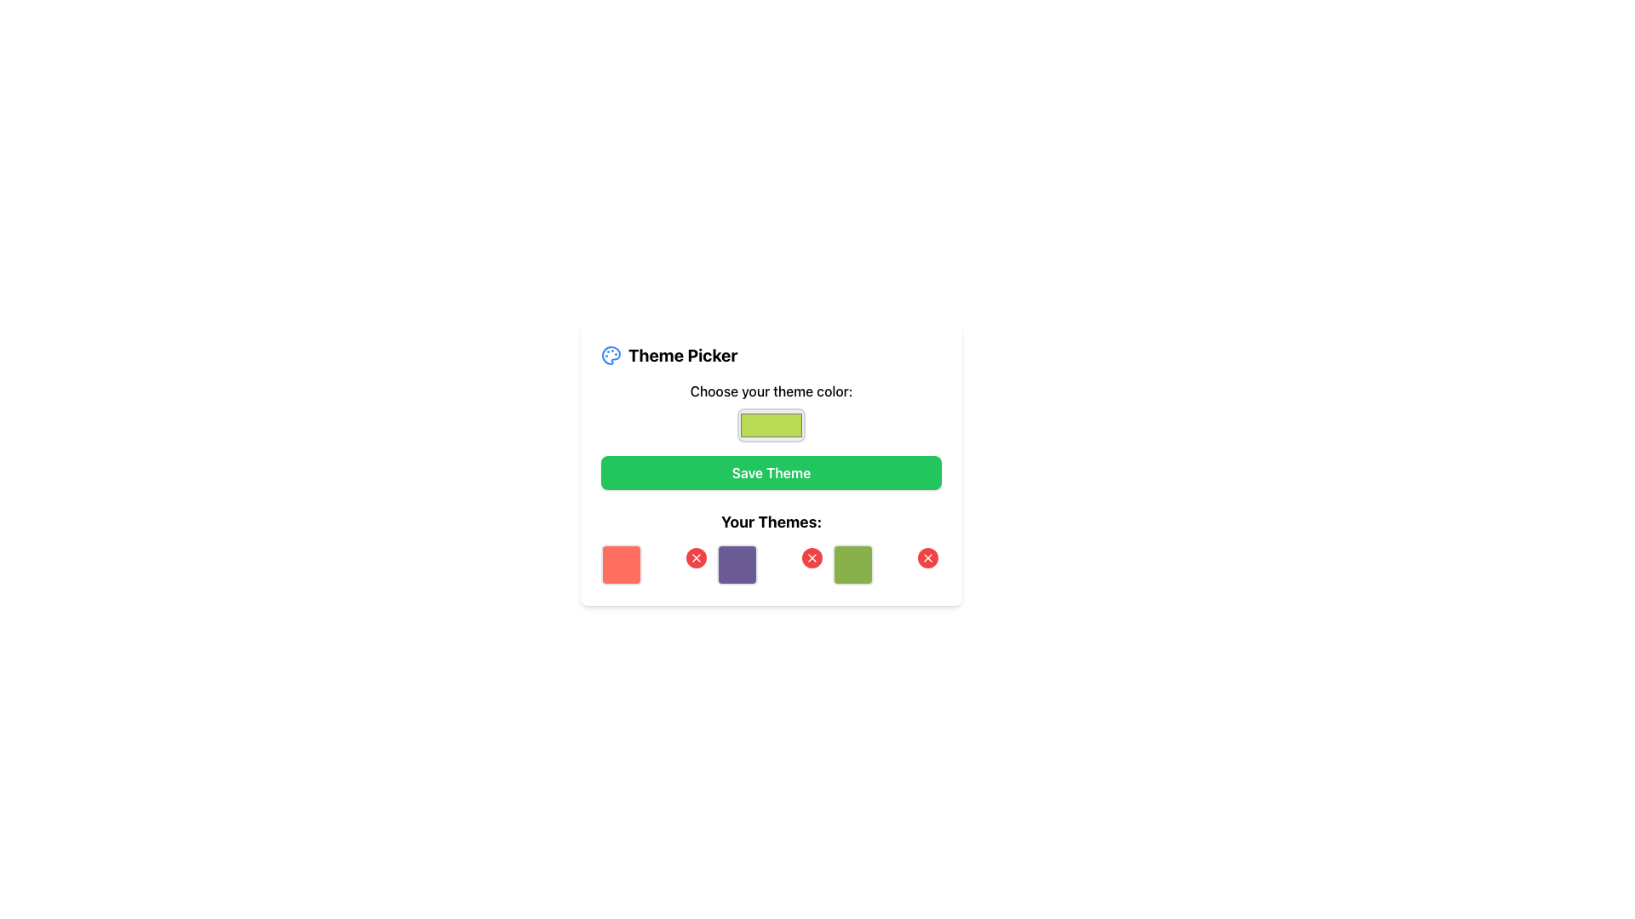  I want to click on the visual icon located to the left of the 'Theme Picker' title text, which visually complements the theme selection section, so click(611, 354).